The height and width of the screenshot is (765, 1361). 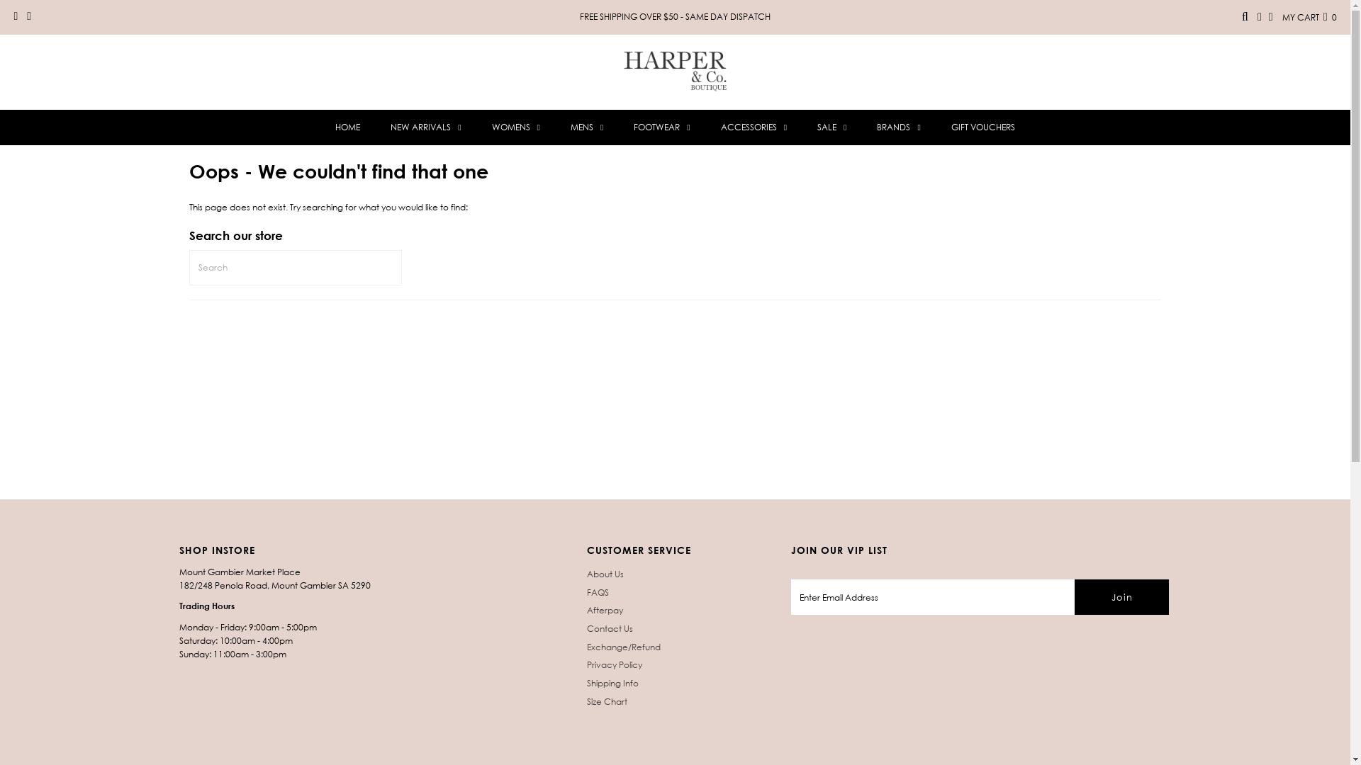 I want to click on 'Afterpay', so click(x=587, y=609).